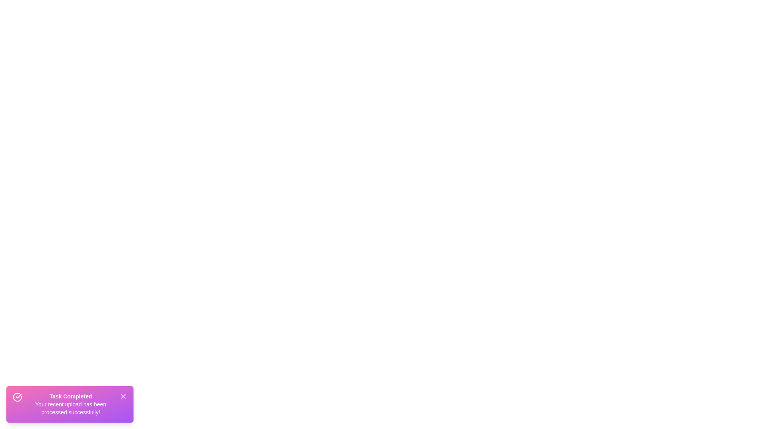 The image size is (763, 429). What do you see at coordinates (17, 397) in the screenshot?
I see `the checkmark icon in the snackbar` at bounding box center [17, 397].